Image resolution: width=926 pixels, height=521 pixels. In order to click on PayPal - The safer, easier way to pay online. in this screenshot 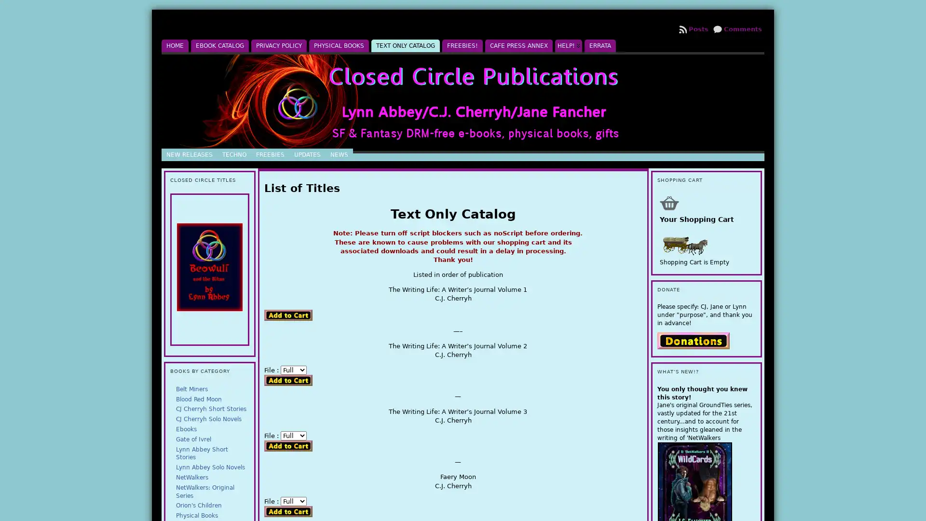, I will do `click(692, 340)`.